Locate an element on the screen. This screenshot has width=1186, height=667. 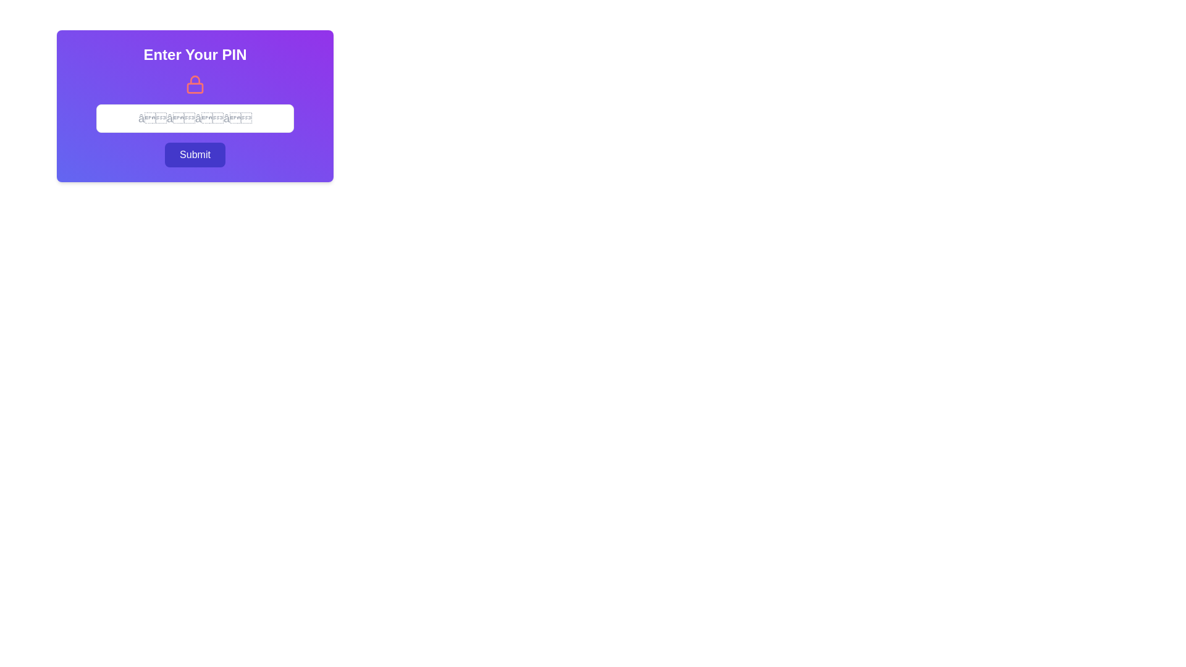
the informative heading Text Label that instructs users to enter their PIN, positioned centrally above the lock icon in the card component is located at coordinates (195, 54).